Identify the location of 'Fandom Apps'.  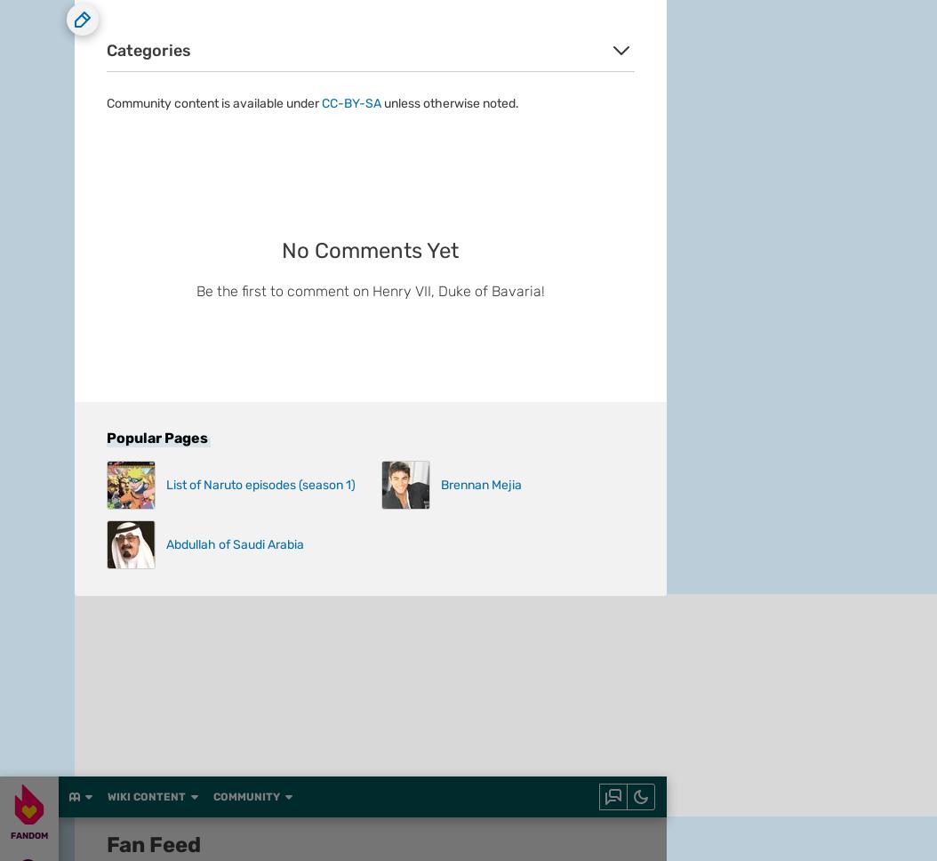
(74, 666).